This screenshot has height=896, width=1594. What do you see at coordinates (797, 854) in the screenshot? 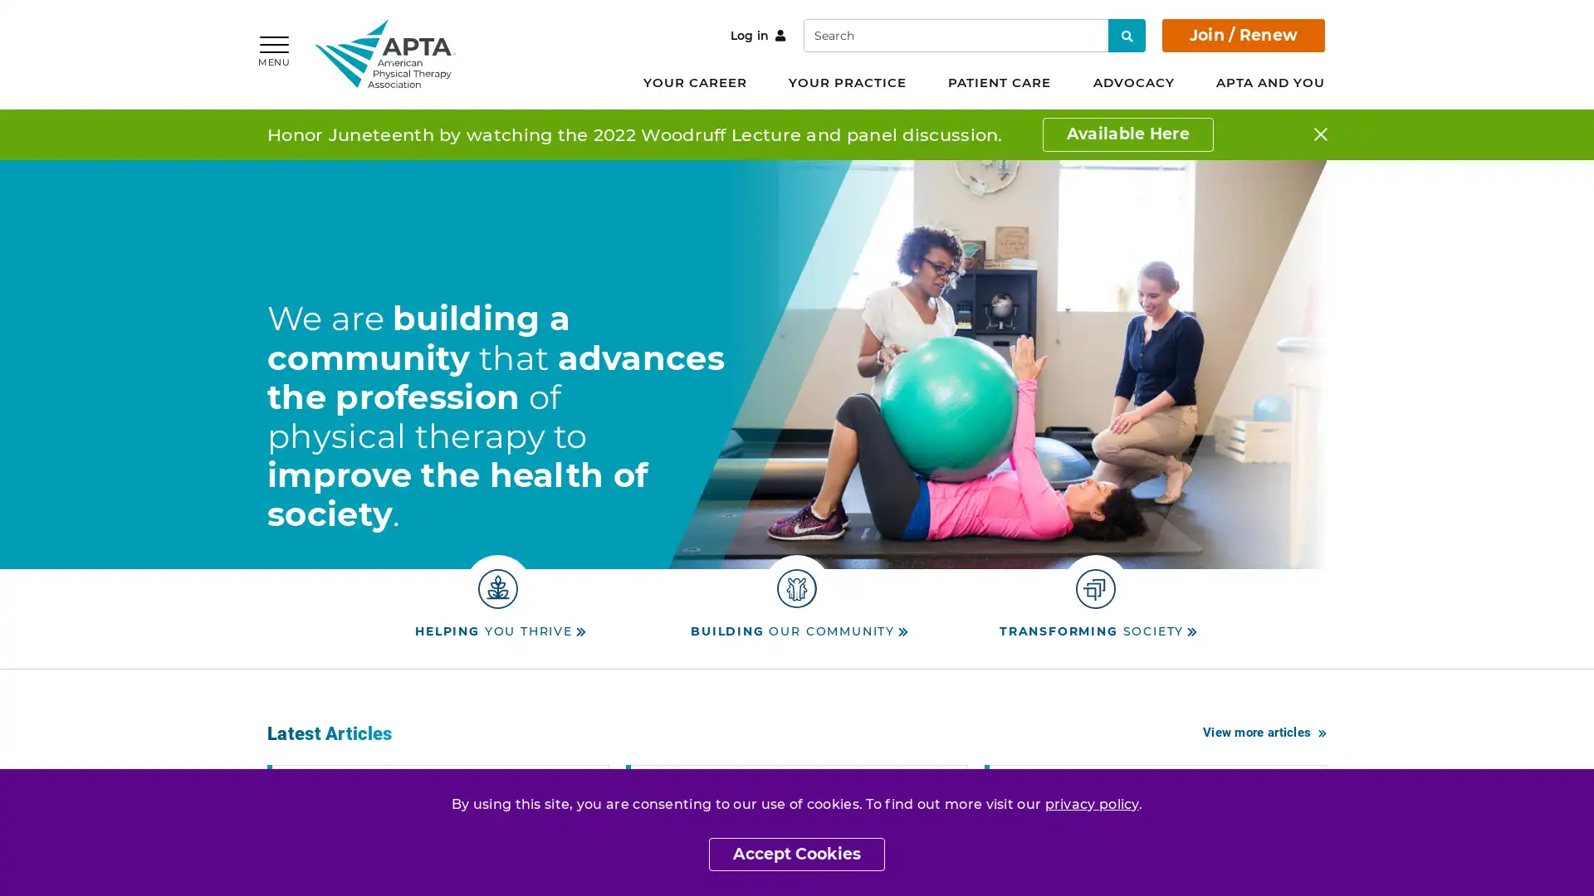
I see `Accept Cookies` at bounding box center [797, 854].